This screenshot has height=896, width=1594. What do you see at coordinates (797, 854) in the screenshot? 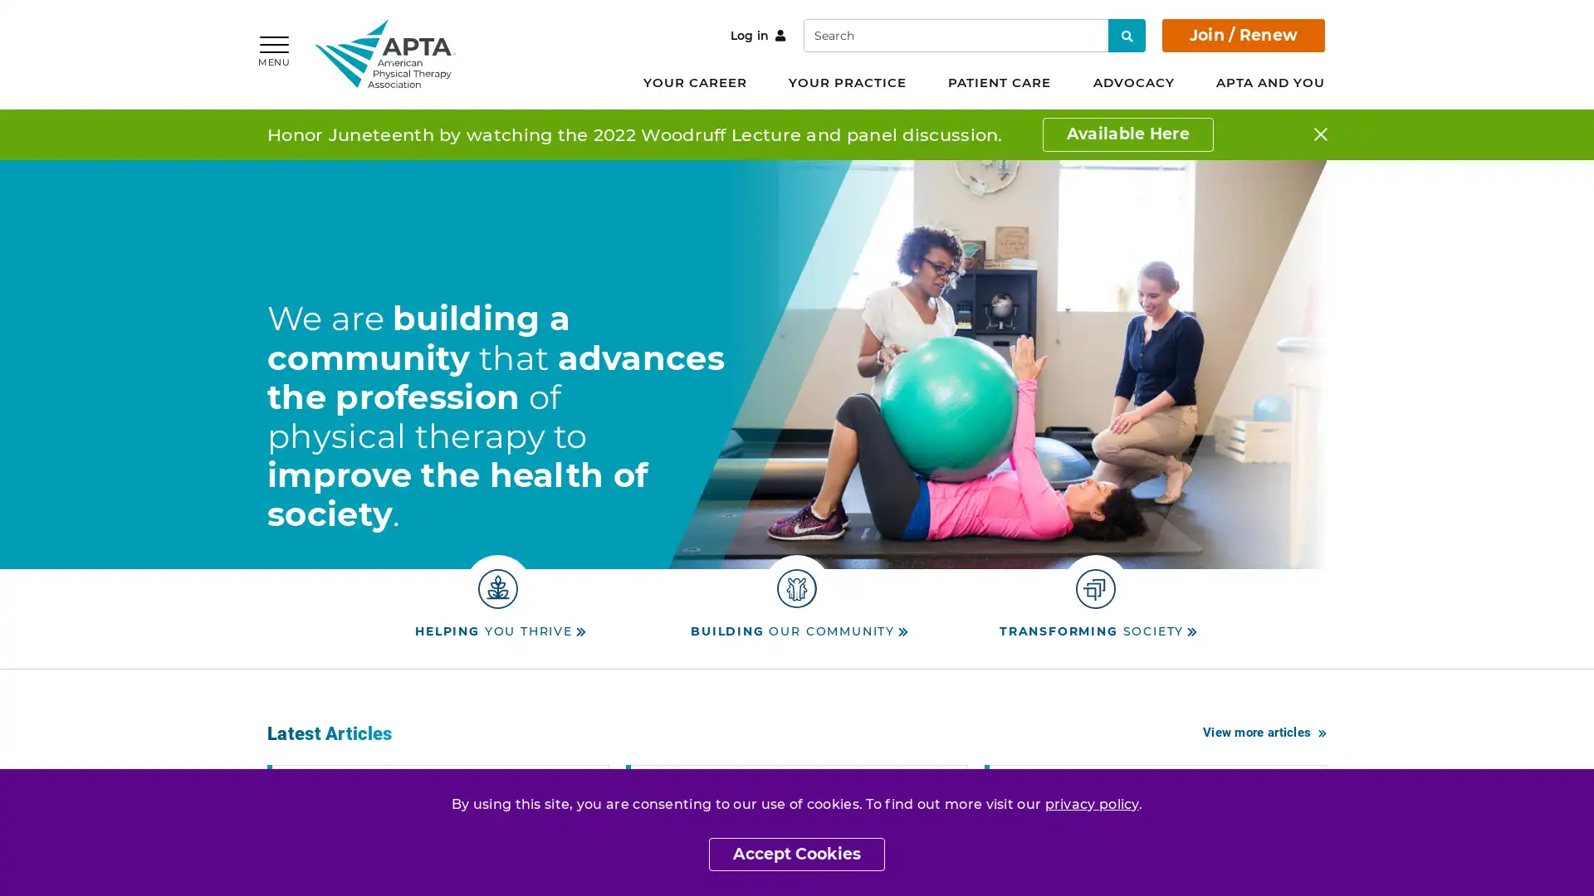
I see `Accept Cookies` at bounding box center [797, 854].